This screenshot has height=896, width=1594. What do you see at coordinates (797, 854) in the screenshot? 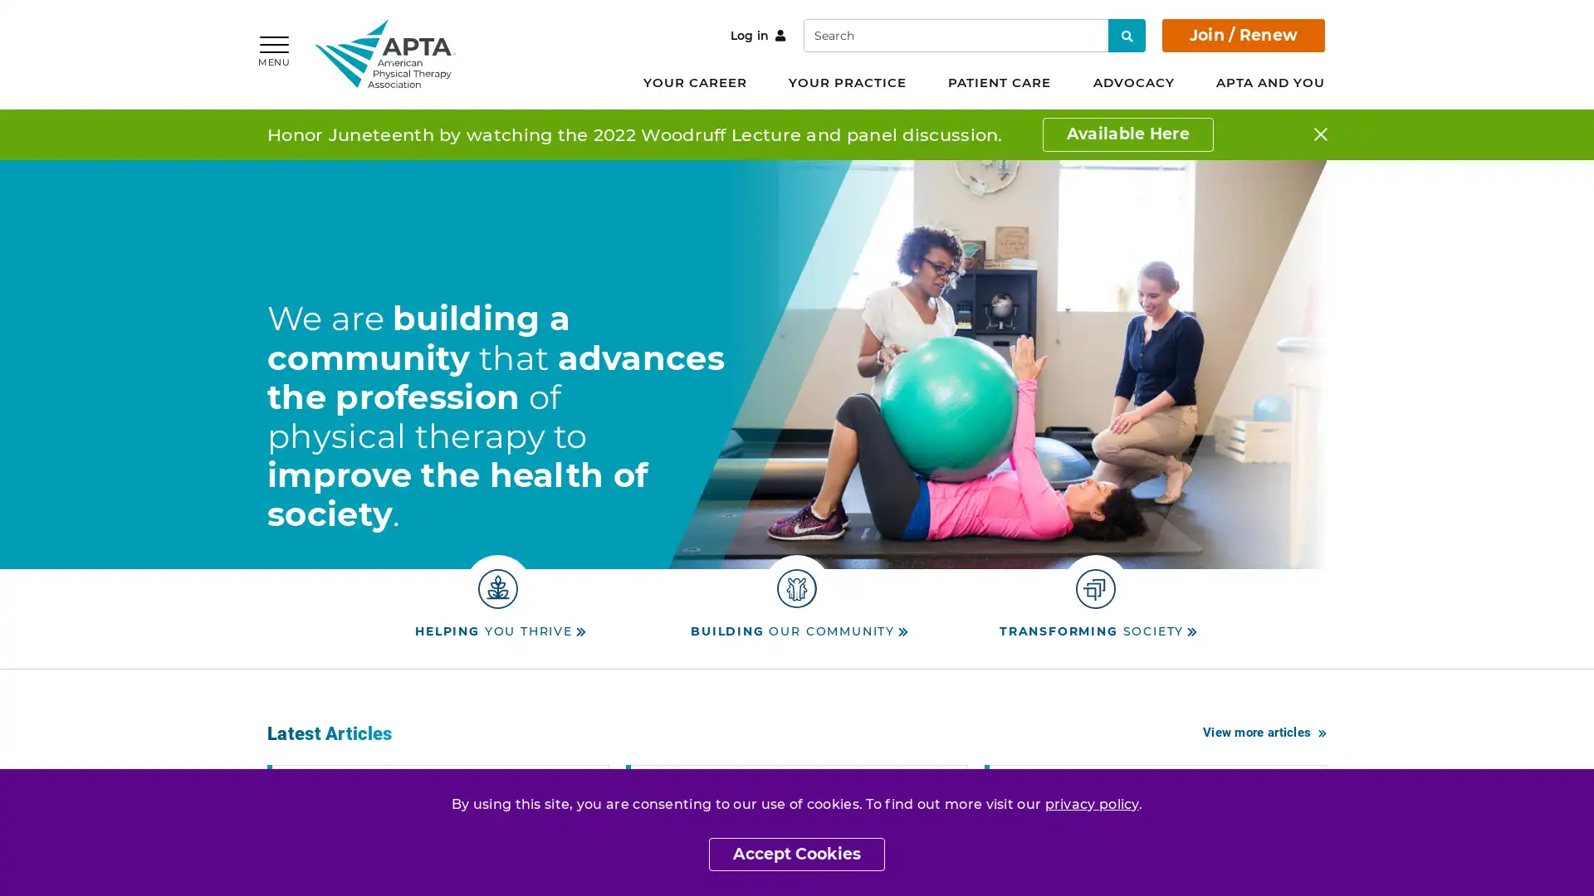
I see `Accept Cookies` at bounding box center [797, 854].